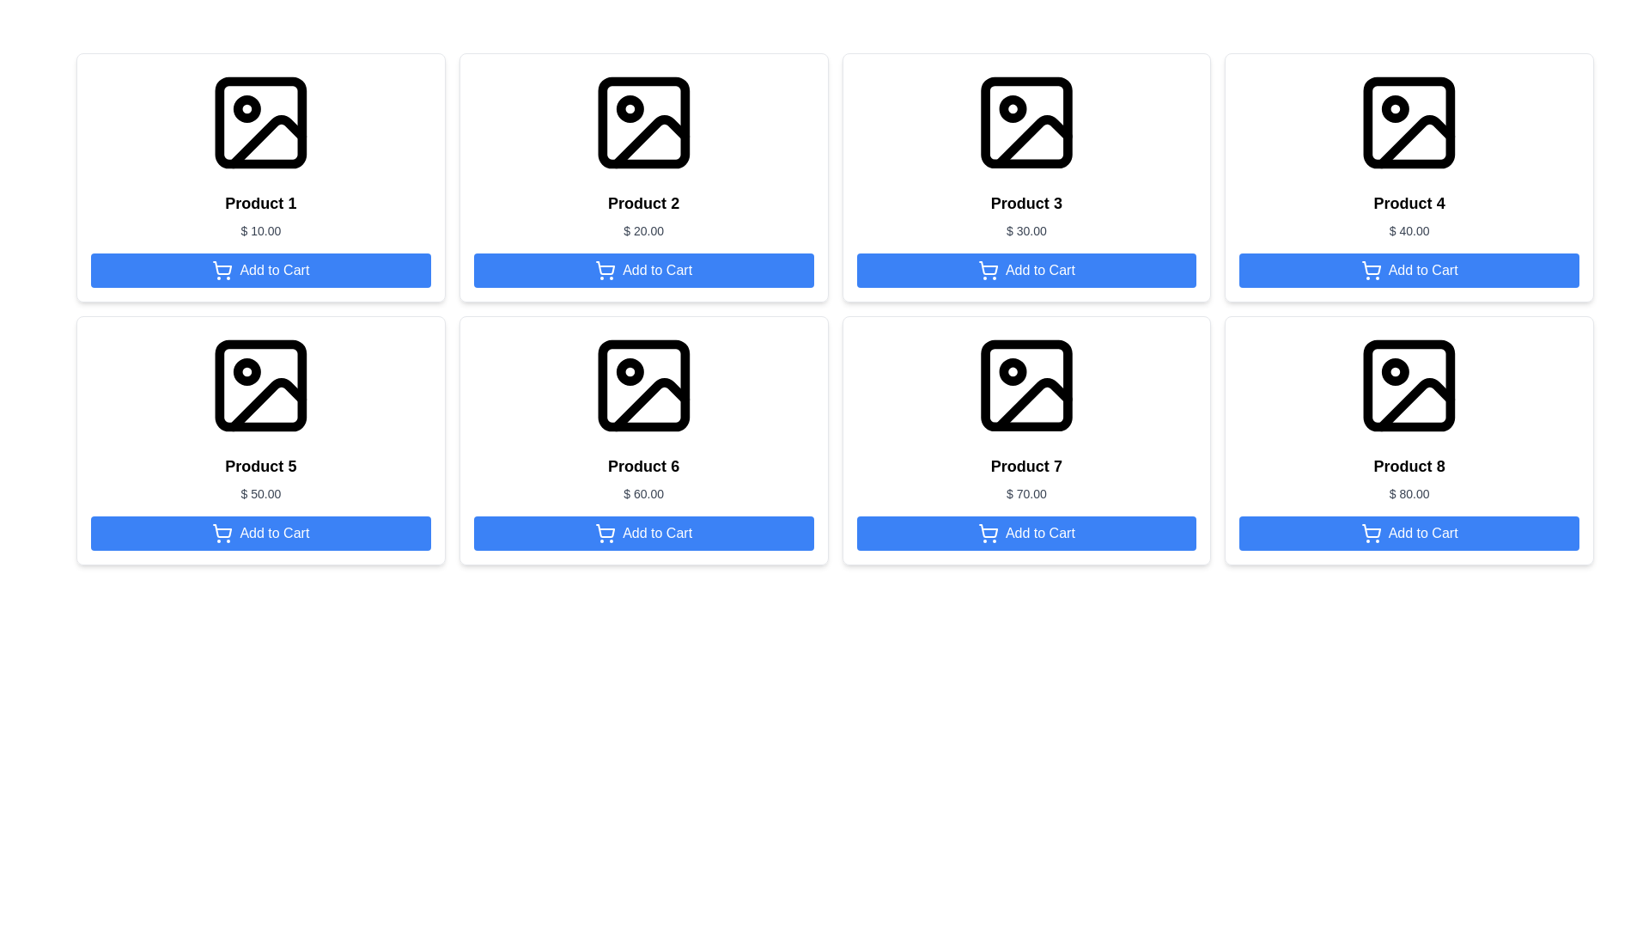  What do you see at coordinates (1409, 384) in the screenshot?
I see `the icon resembling a simplified image placeholder, which features a square frame with a curved line and a small circular element inside, located at the top area of the 'Product 8' card in the bottom right of a 2x4 grid` at bounding box center [1409, 384].